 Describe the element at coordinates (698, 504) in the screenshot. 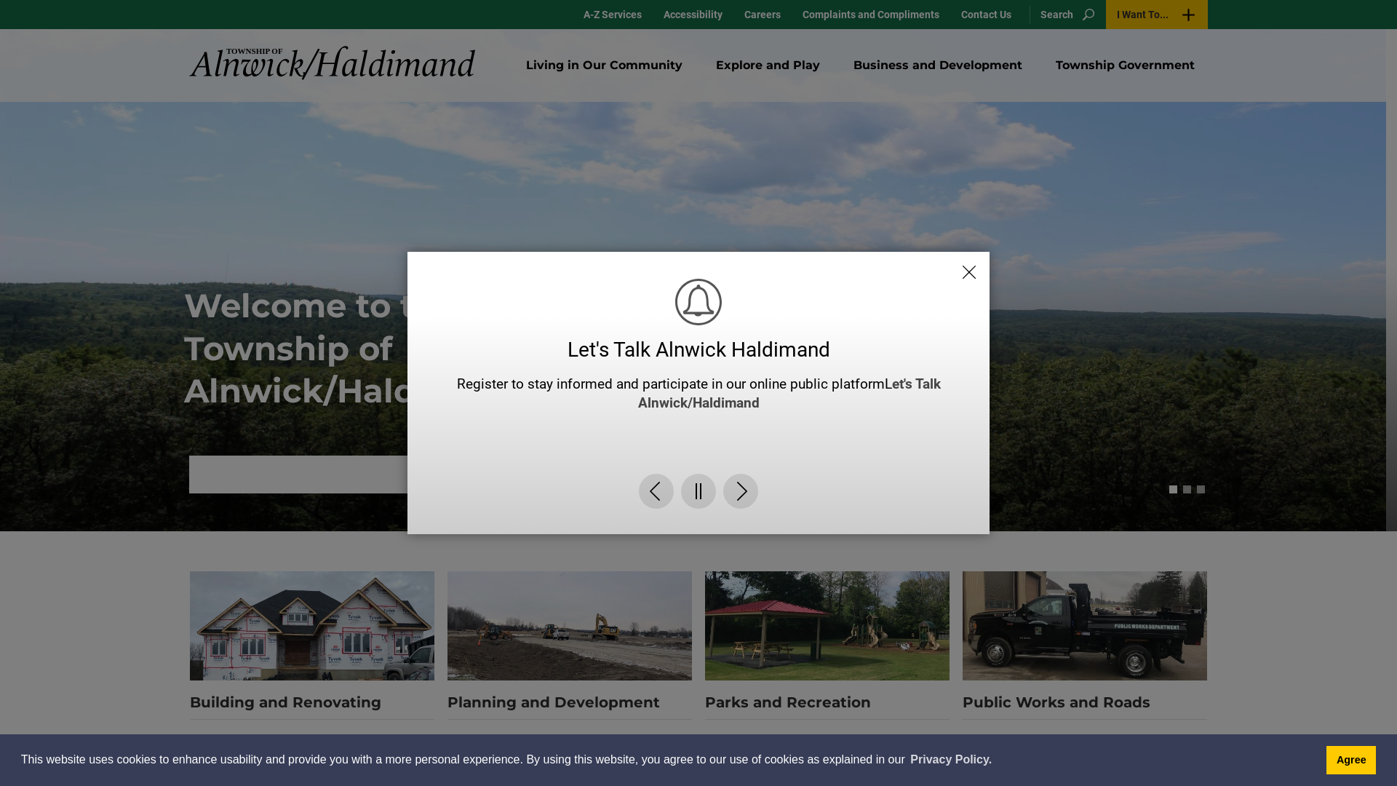

I see `'Pause'` at that location.